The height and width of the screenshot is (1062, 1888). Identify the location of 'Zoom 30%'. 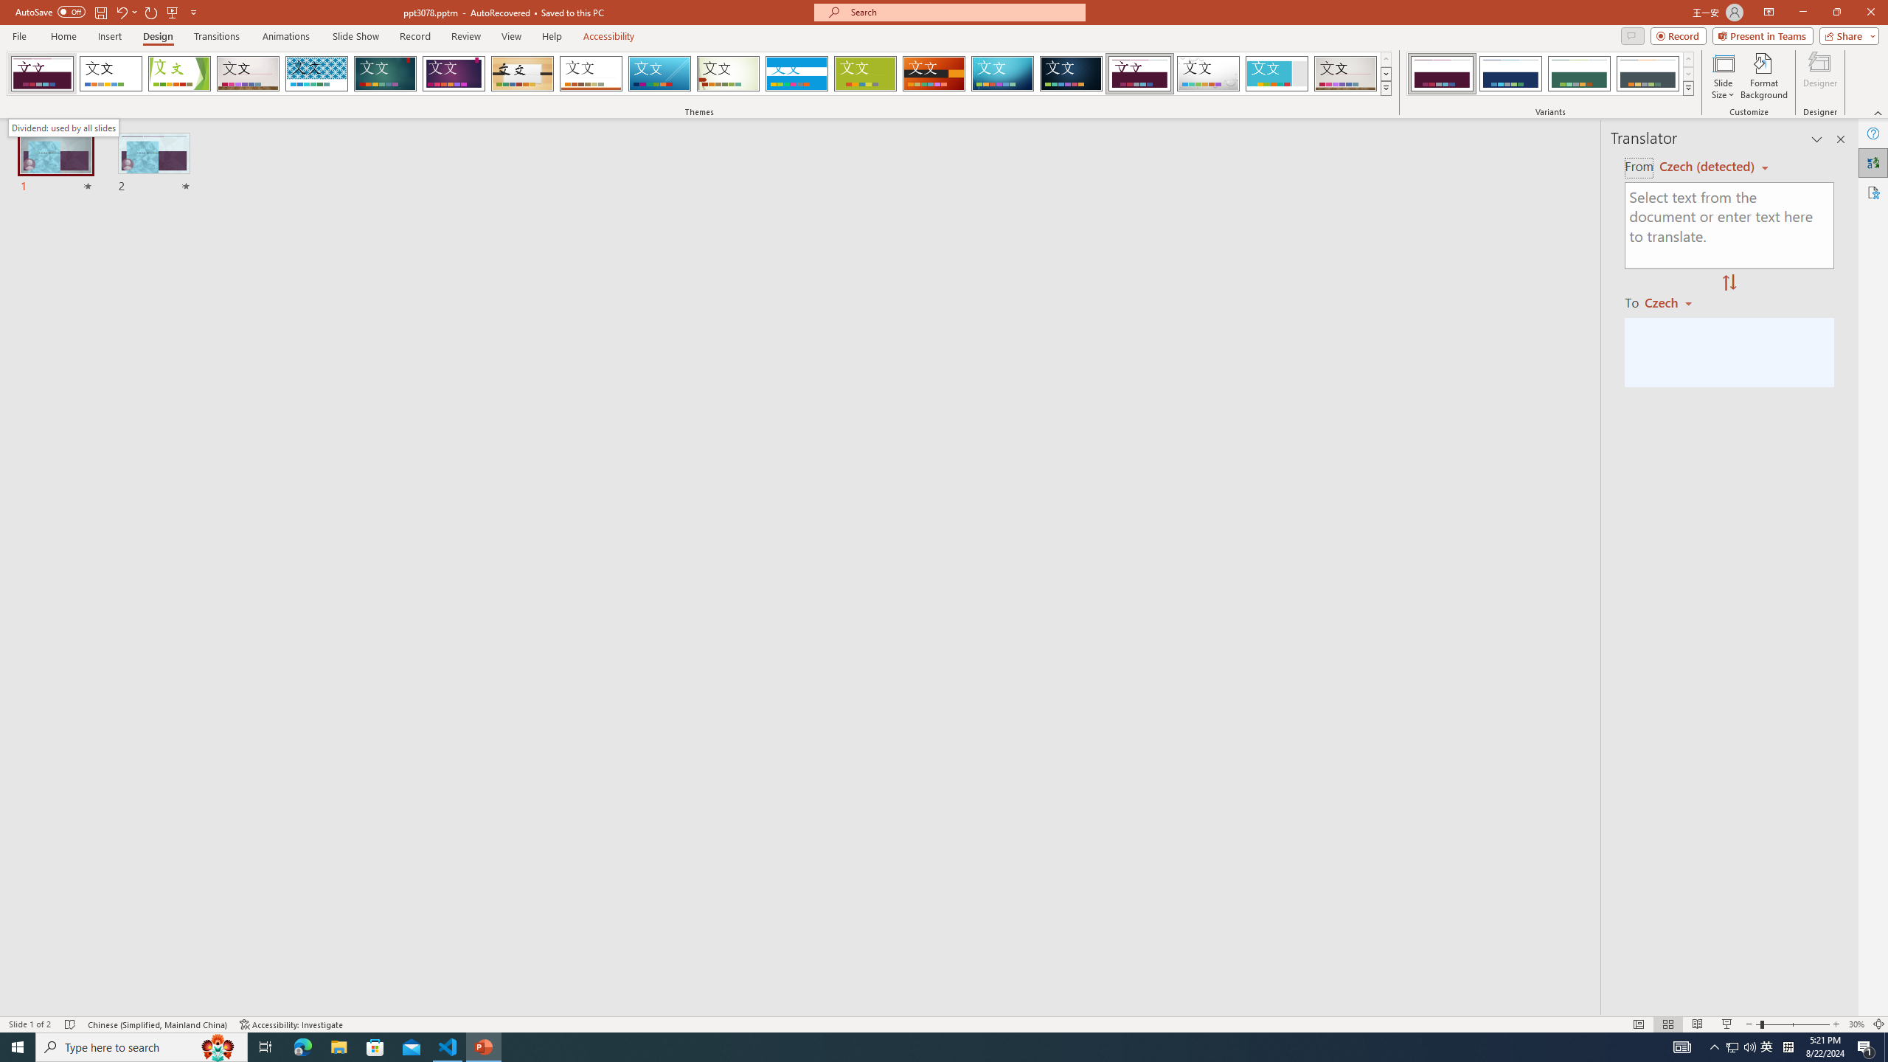
(1856, 1024).